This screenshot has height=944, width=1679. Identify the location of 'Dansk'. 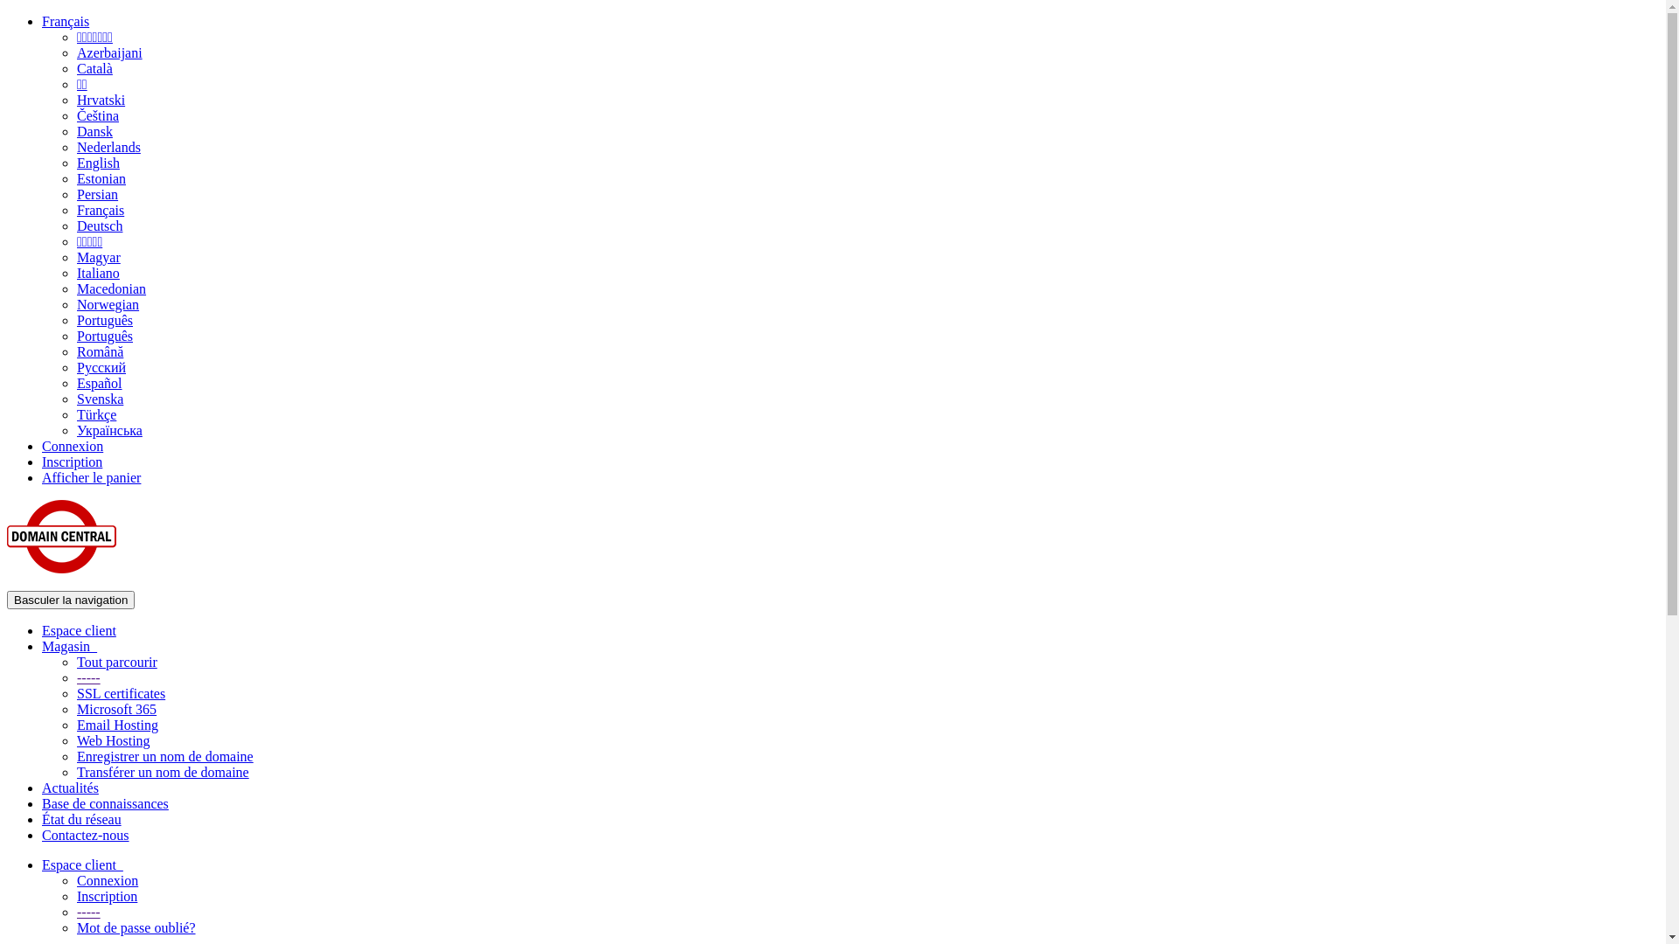
(94, 130).